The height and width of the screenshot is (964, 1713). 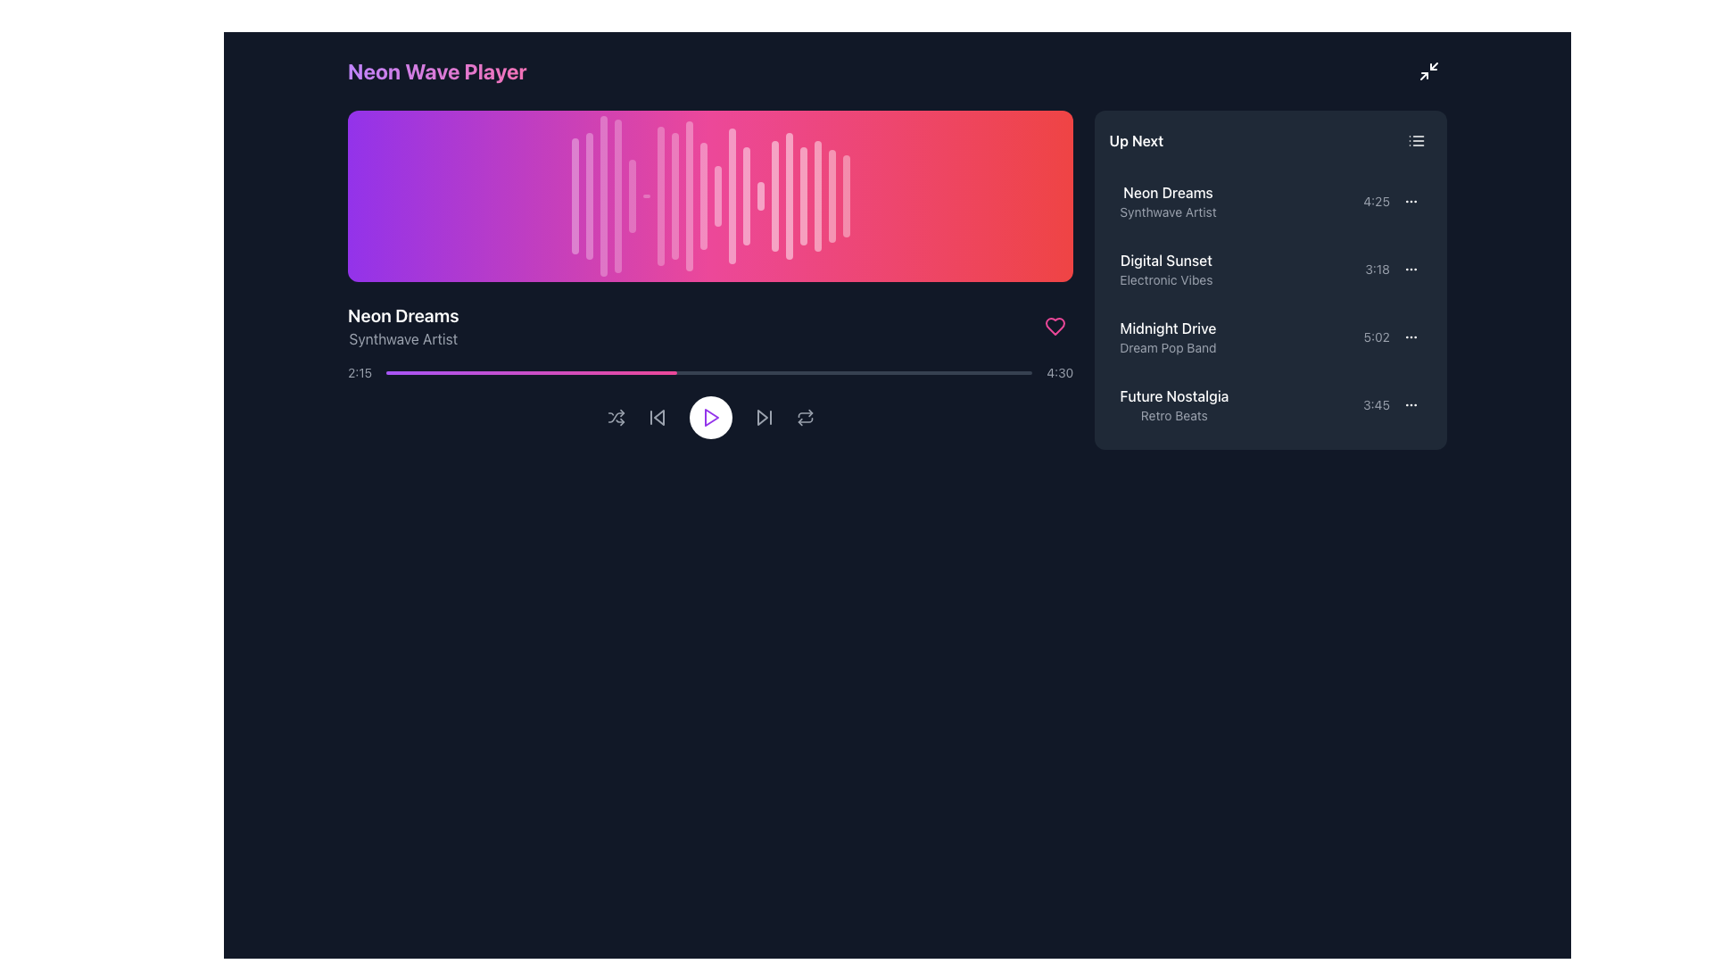 What do you see at coordinates (1174, 416) in the screenshot?
I see `the text label displaying 'Retro Beats', which is styled in light gray and positioned below 'Future Nostalgia' within the right-hand side panel under 'Up Next'` at bounding box center [1174, 416].